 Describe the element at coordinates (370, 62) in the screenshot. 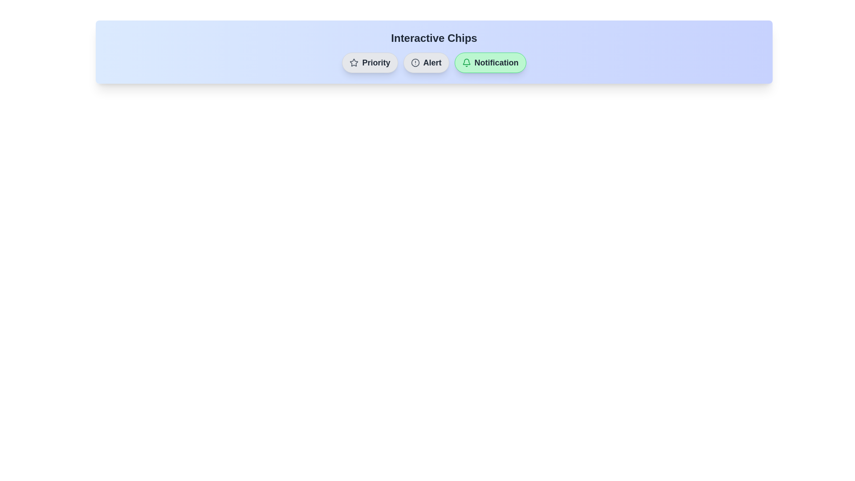

I see `the chip labeled 'Priority' to view its hover effect` at that location.